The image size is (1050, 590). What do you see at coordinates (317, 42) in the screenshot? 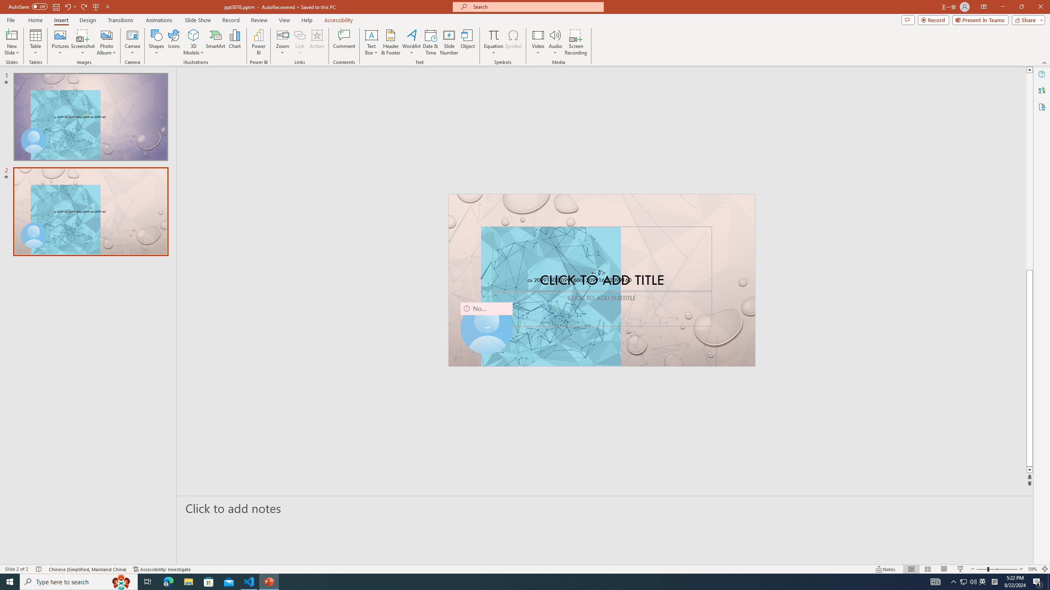
I see `'Action'` at bounding box center [317, 42].